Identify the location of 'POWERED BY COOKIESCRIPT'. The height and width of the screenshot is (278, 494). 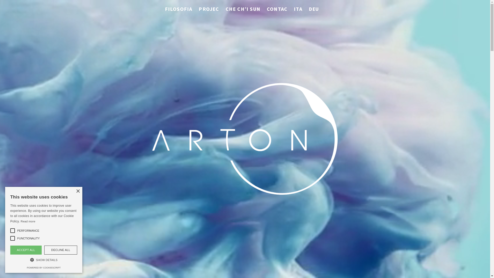
(43, 267).